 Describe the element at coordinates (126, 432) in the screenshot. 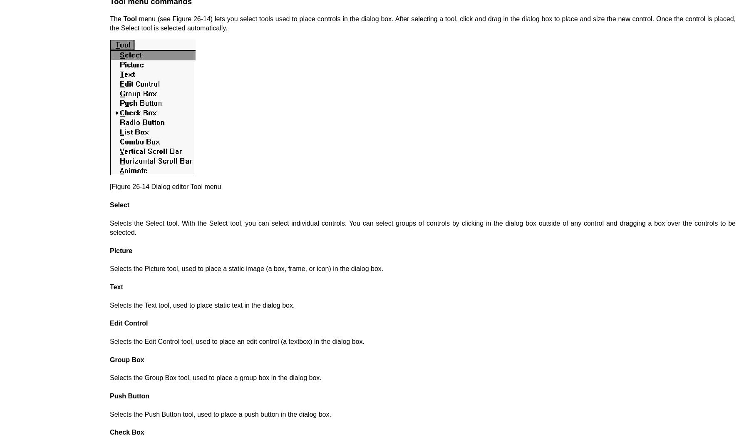

I see `'Check Box'` at that location.